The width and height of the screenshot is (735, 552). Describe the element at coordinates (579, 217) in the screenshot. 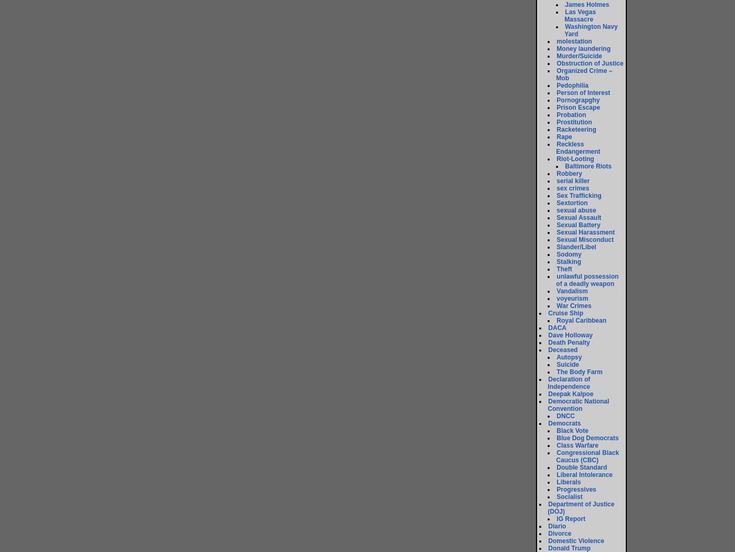

I see `'Sexual Assault'` at that location.